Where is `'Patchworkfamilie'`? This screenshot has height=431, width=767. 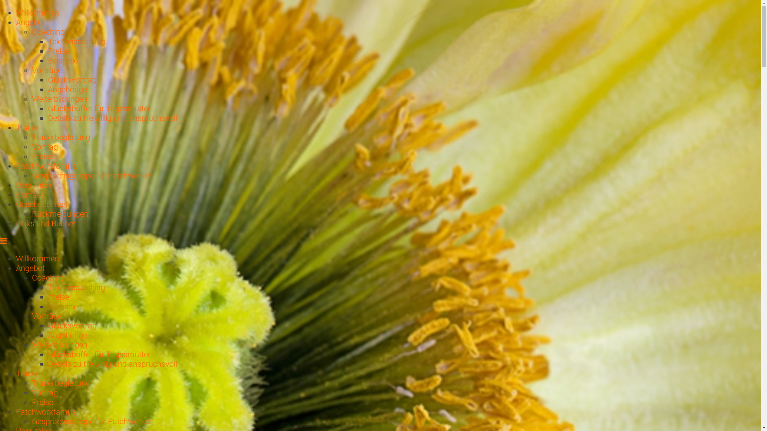 'Patchworkfamilie' is located at coordinates (46, 412).